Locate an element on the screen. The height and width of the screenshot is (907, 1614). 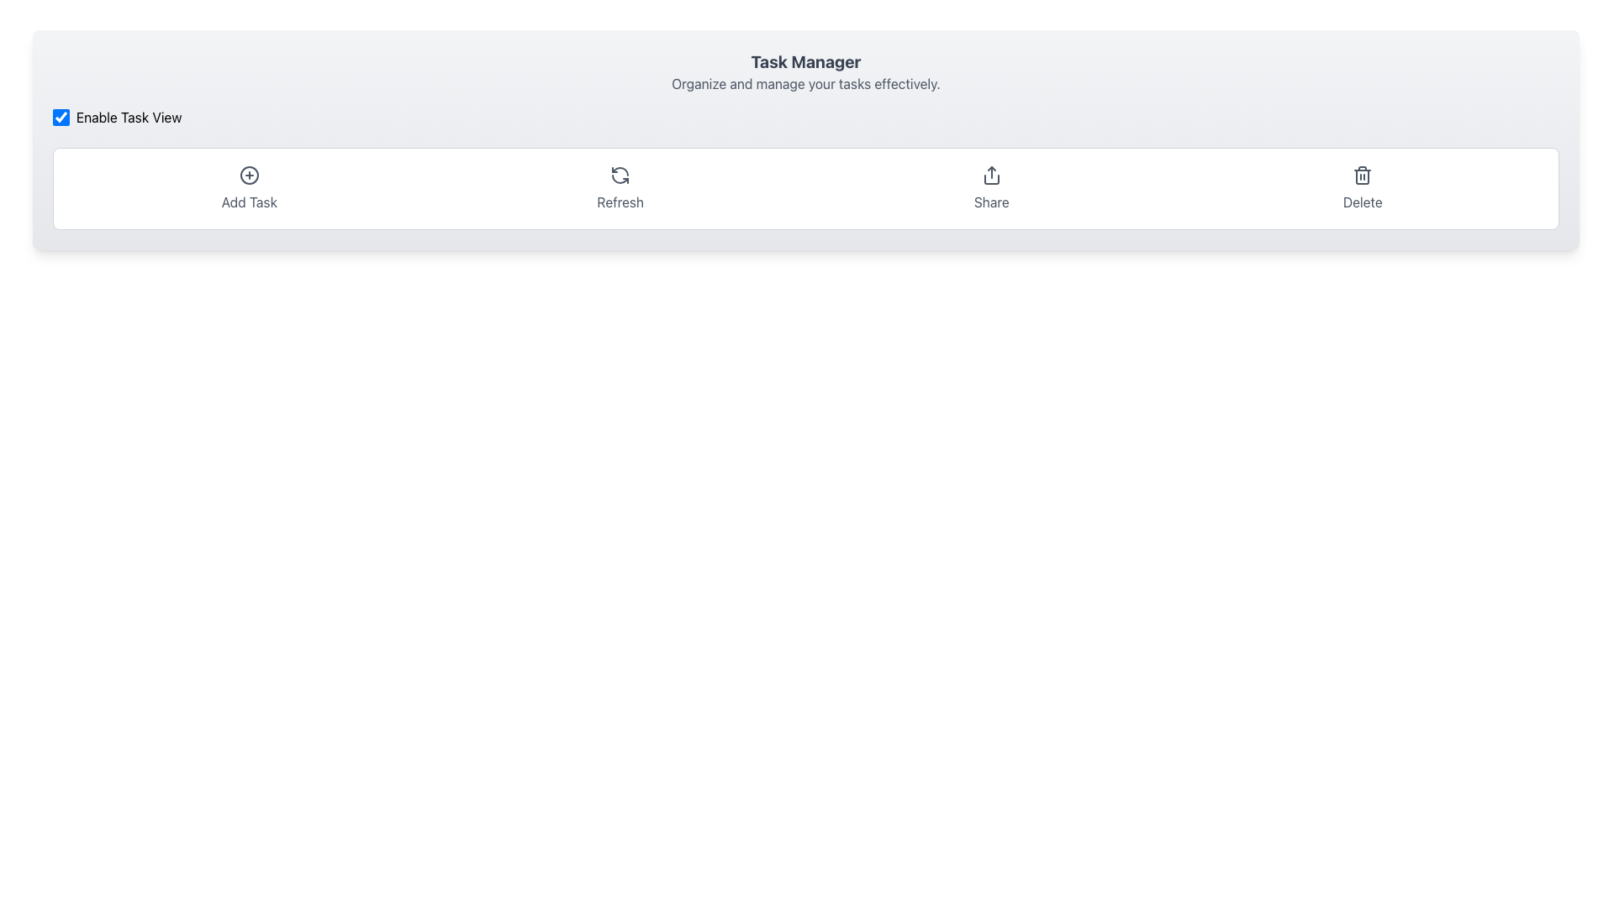
descriptive label positioned below the '+' icon in the lower part of the horizontal tool menu is located at coordinates (248, 201).